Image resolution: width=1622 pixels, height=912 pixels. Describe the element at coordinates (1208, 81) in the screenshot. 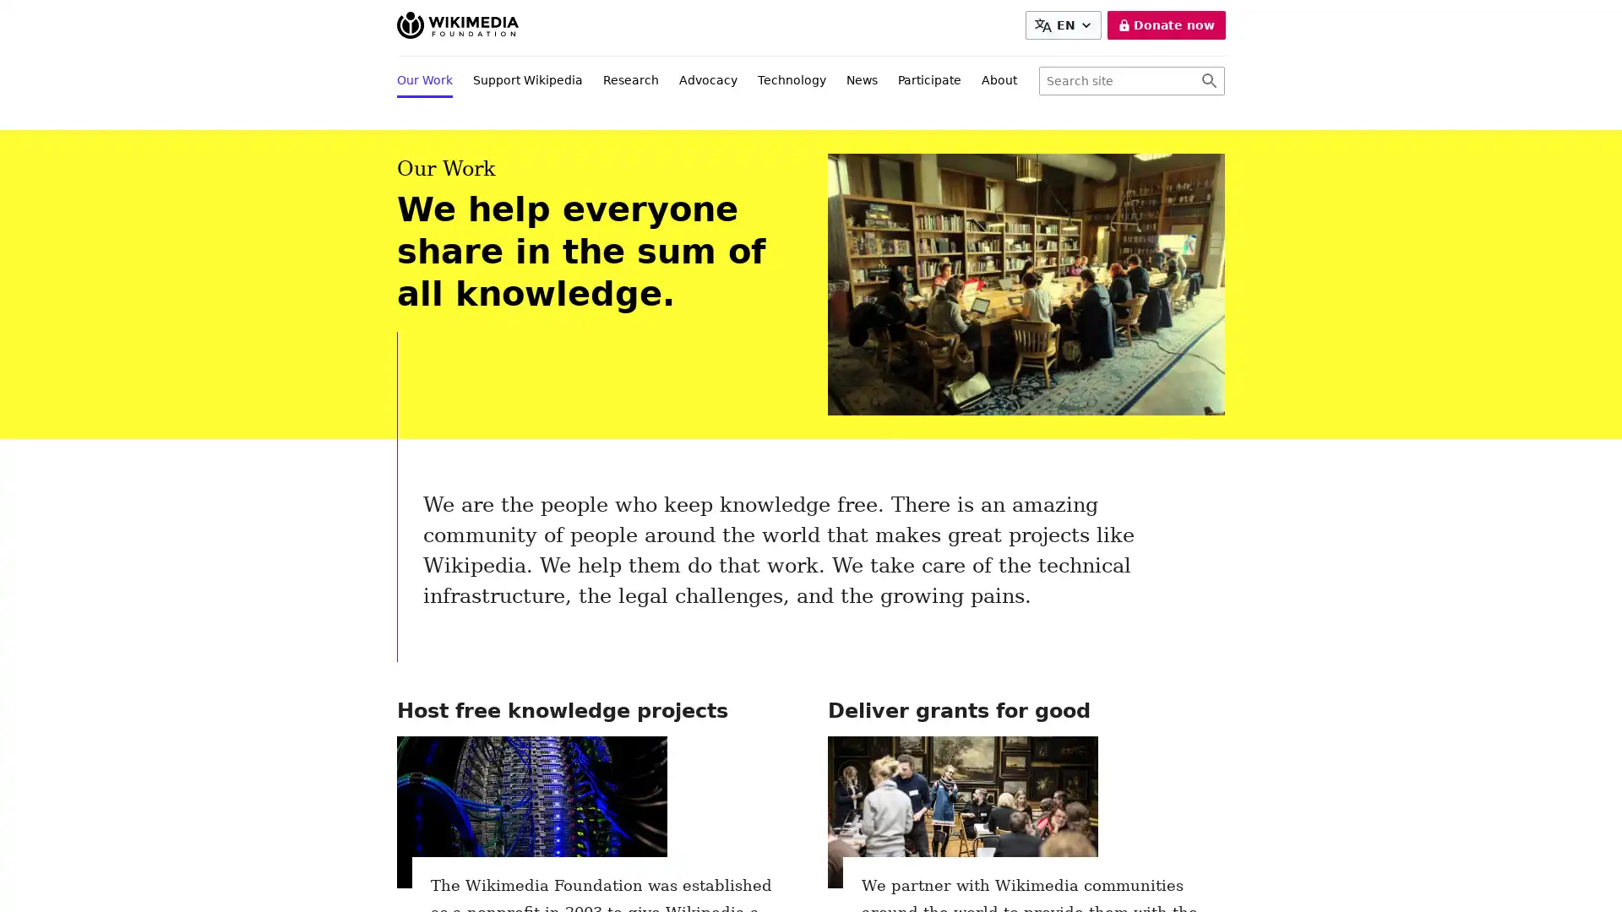

I see `Search` at that location.